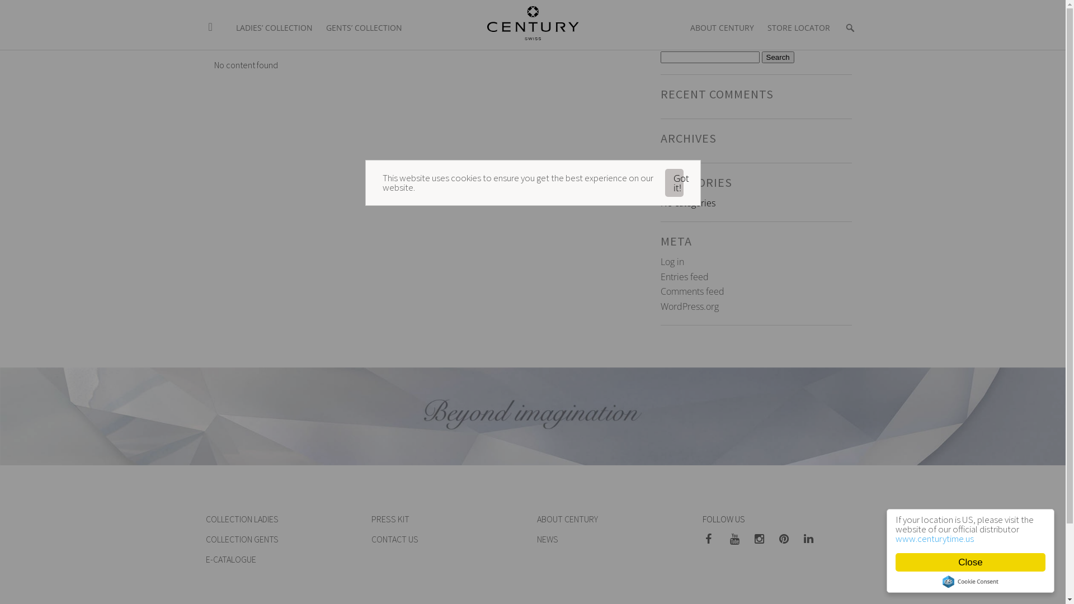 This screenshot has height=604, width=1074. What do you see at coordinates (896, 538) in the screenshot?
I see `'www.centurytime.us'` at bounding box center [896, 538].